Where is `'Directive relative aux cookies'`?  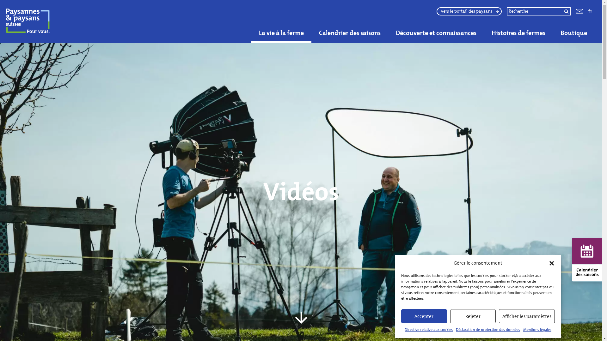
'Directive relative aux cookies' is located at coordinates (429, 329).